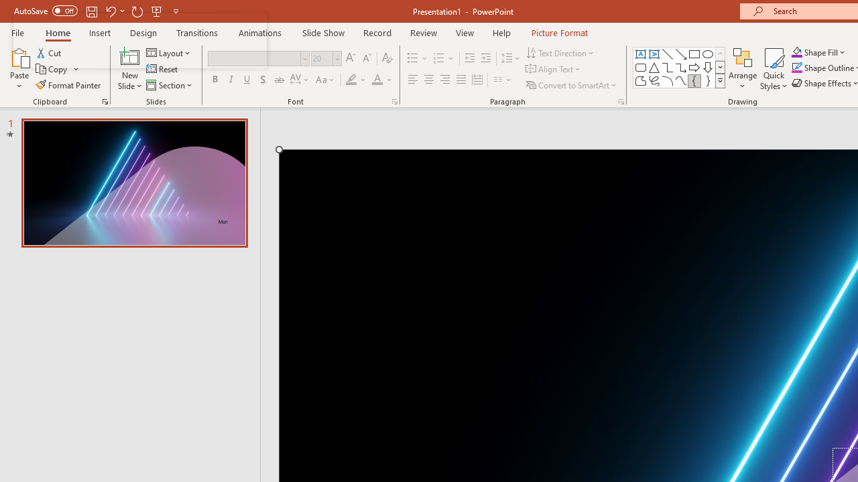 The width and height of the screenshot is (858, 482). What do you see at coordinates (797, 52) in the screenshot?
I see `'Shape Fill Orange, Accent 2'` at bounding box center [797, 52].